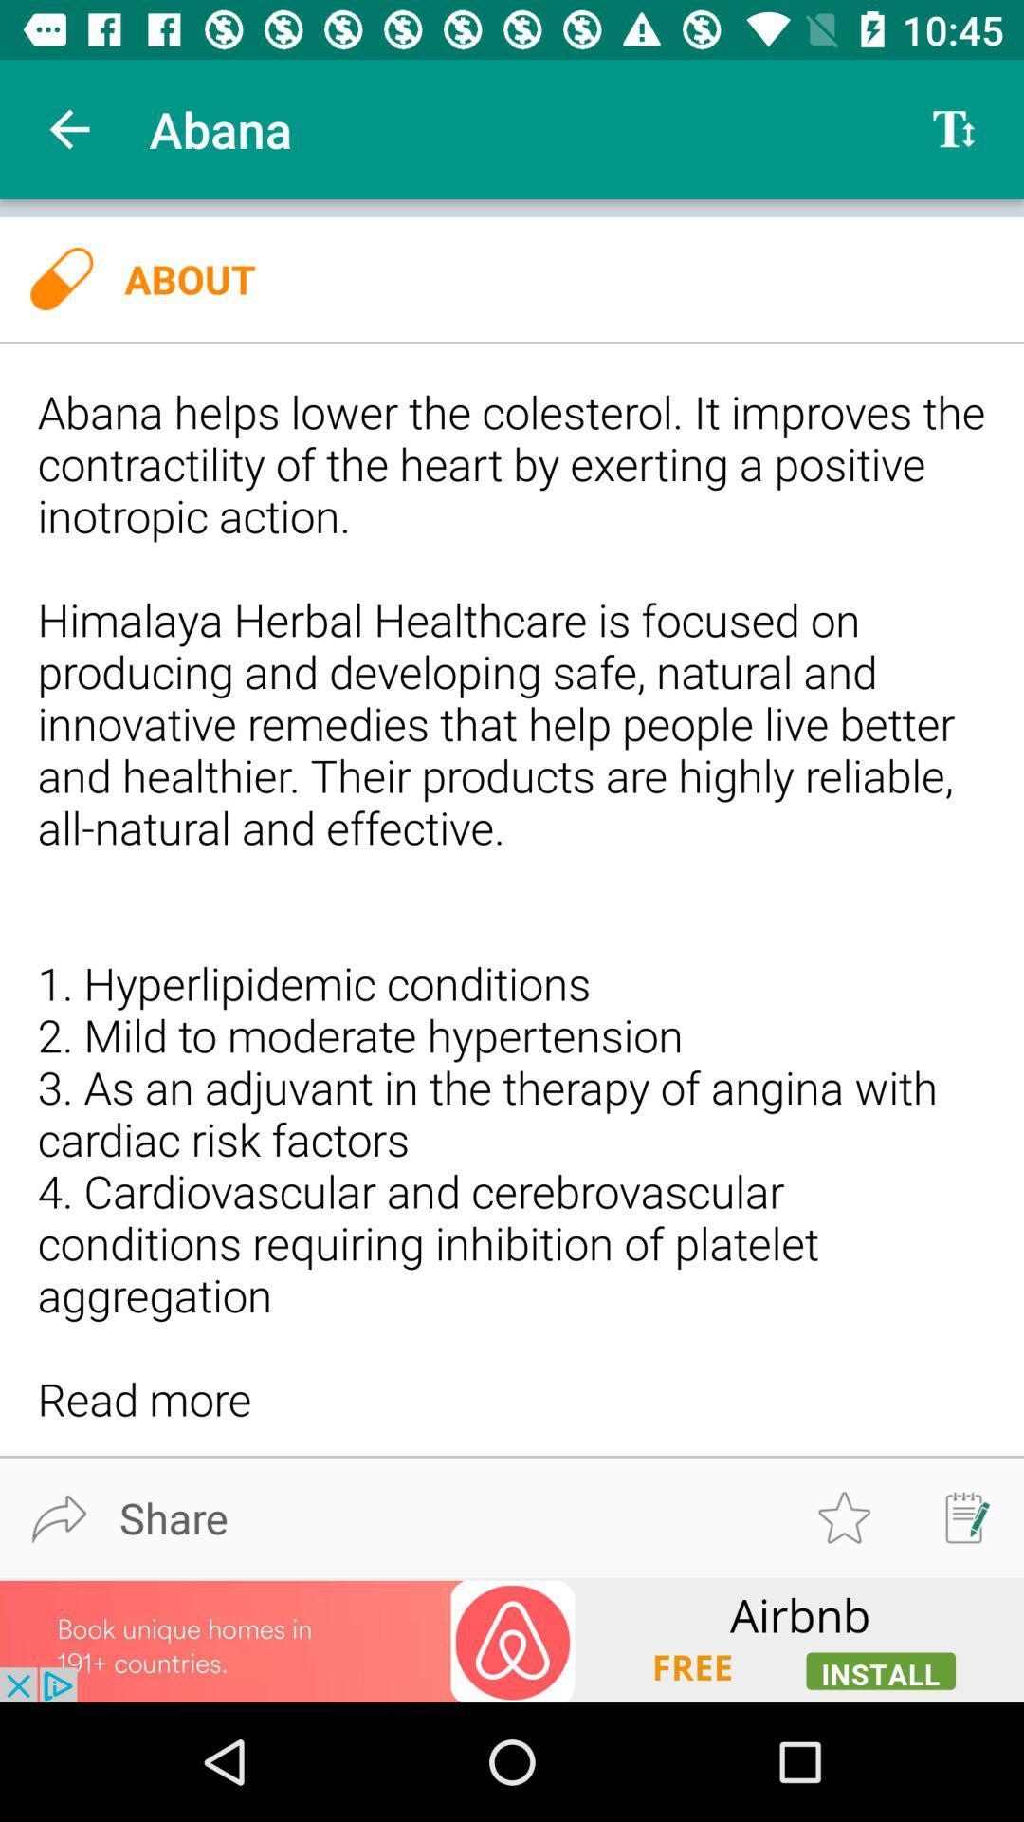 This screenshot has height=1822, width=1024. What do you see at coordinates (512, 1639) in the screenshot?
I see `advertisement` at bounding box center [512, 1639].